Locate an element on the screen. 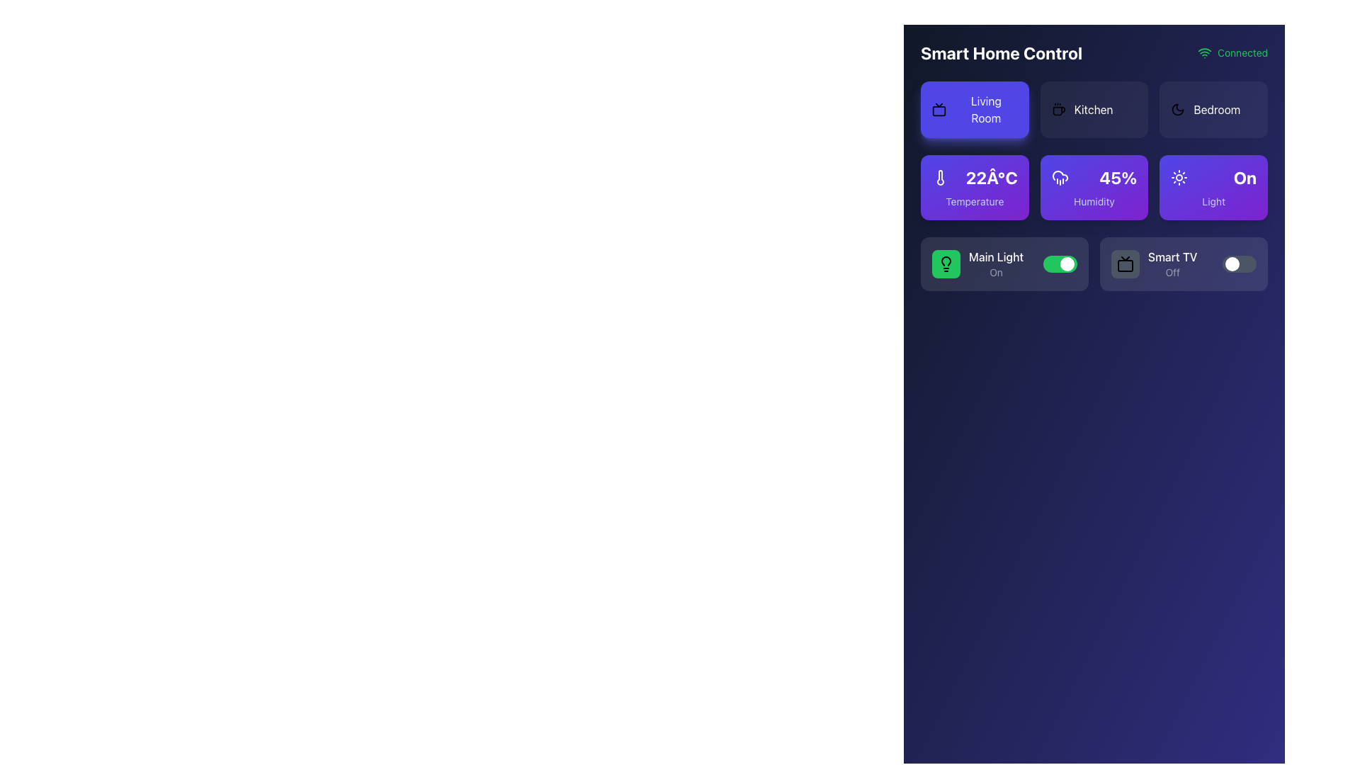 The width and height of the screenshot is (1360, 765). the toggle switch for 'Smart TV' located in the second card of the second row is located at coordinates (1239, 264).